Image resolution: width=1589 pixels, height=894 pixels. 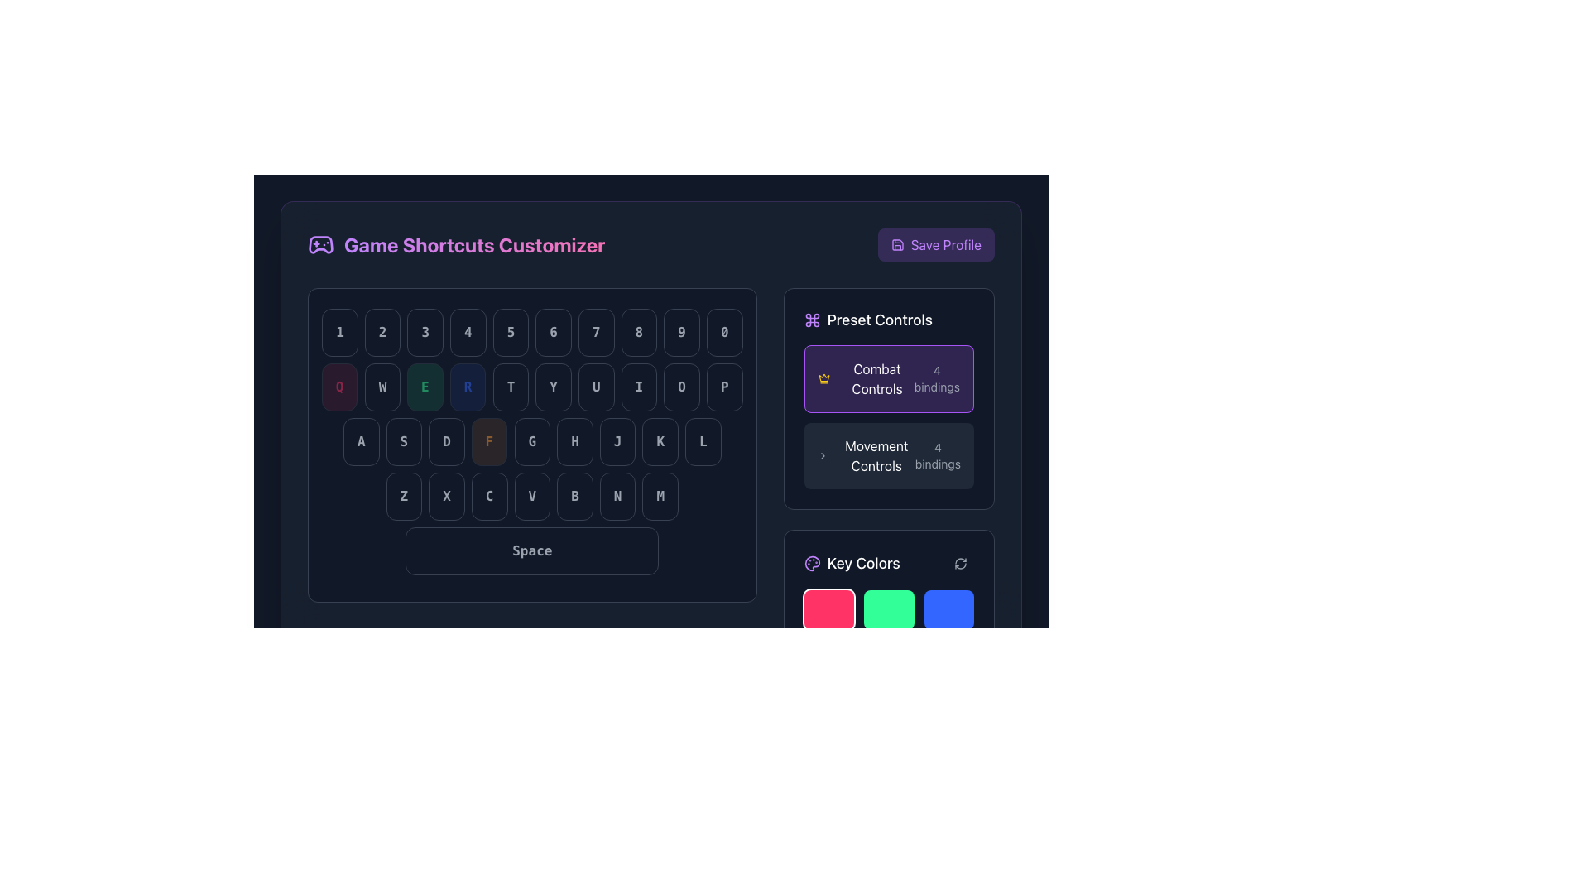 I want to click on the text label that displays the number of bindings associated with 'Combat Controls', located within the 'Combat Controls' card of the 'Preset Controls' section, to the right of the title 'Combat Controls', so click(x=937, y=379).